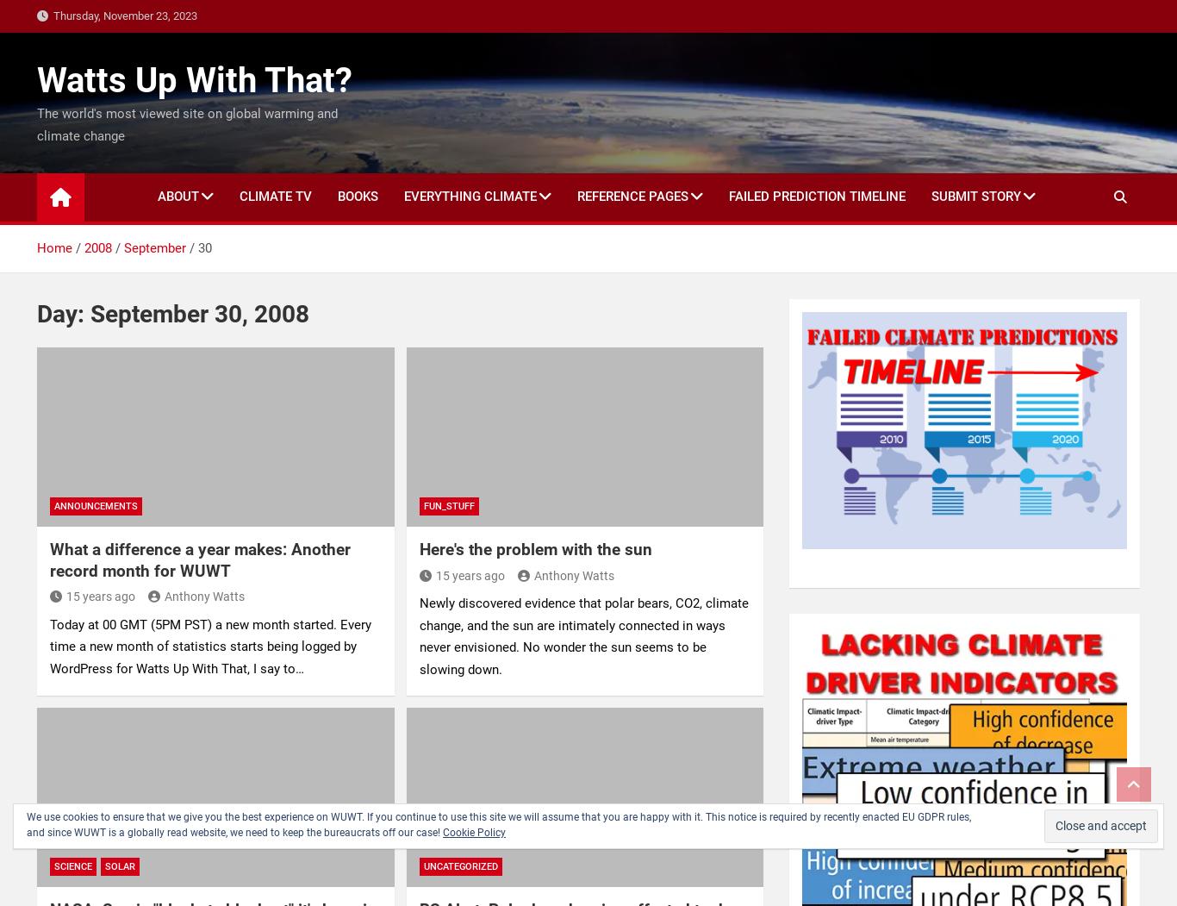 This screenshot has height=906, width=1177. I want to click on 'September', so click(154, 247).